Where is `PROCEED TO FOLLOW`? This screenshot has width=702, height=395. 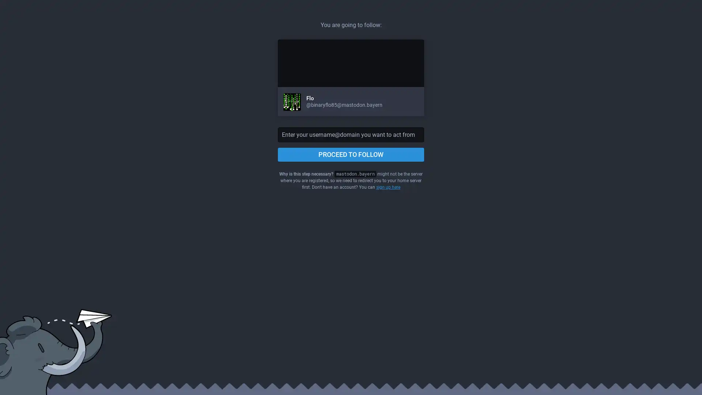
PROCEED TO FOLLOW is located at coordinates (351, 154).